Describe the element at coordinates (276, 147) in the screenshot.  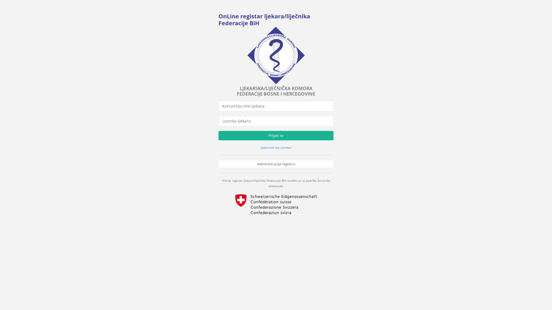
I see `'Zaboravili ste Lozinku?'` at that location.